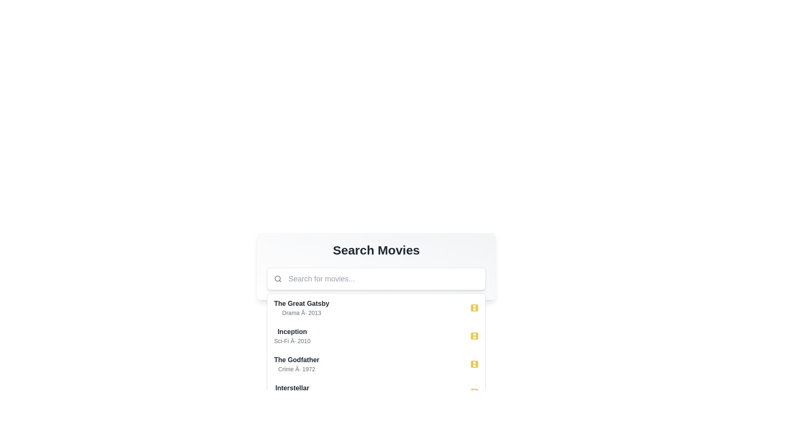 This screenshot has height=447, width=795. Describe the element at coordinates (376, 392) in the screenshot. I see `the fourth list item in the dropdown menu` at that location.